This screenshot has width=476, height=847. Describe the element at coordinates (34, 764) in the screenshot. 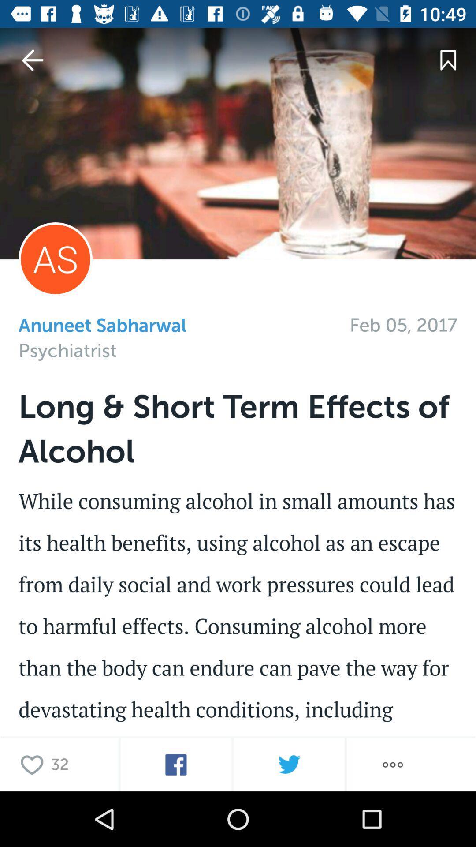

I see `the favorite icon` at that location.